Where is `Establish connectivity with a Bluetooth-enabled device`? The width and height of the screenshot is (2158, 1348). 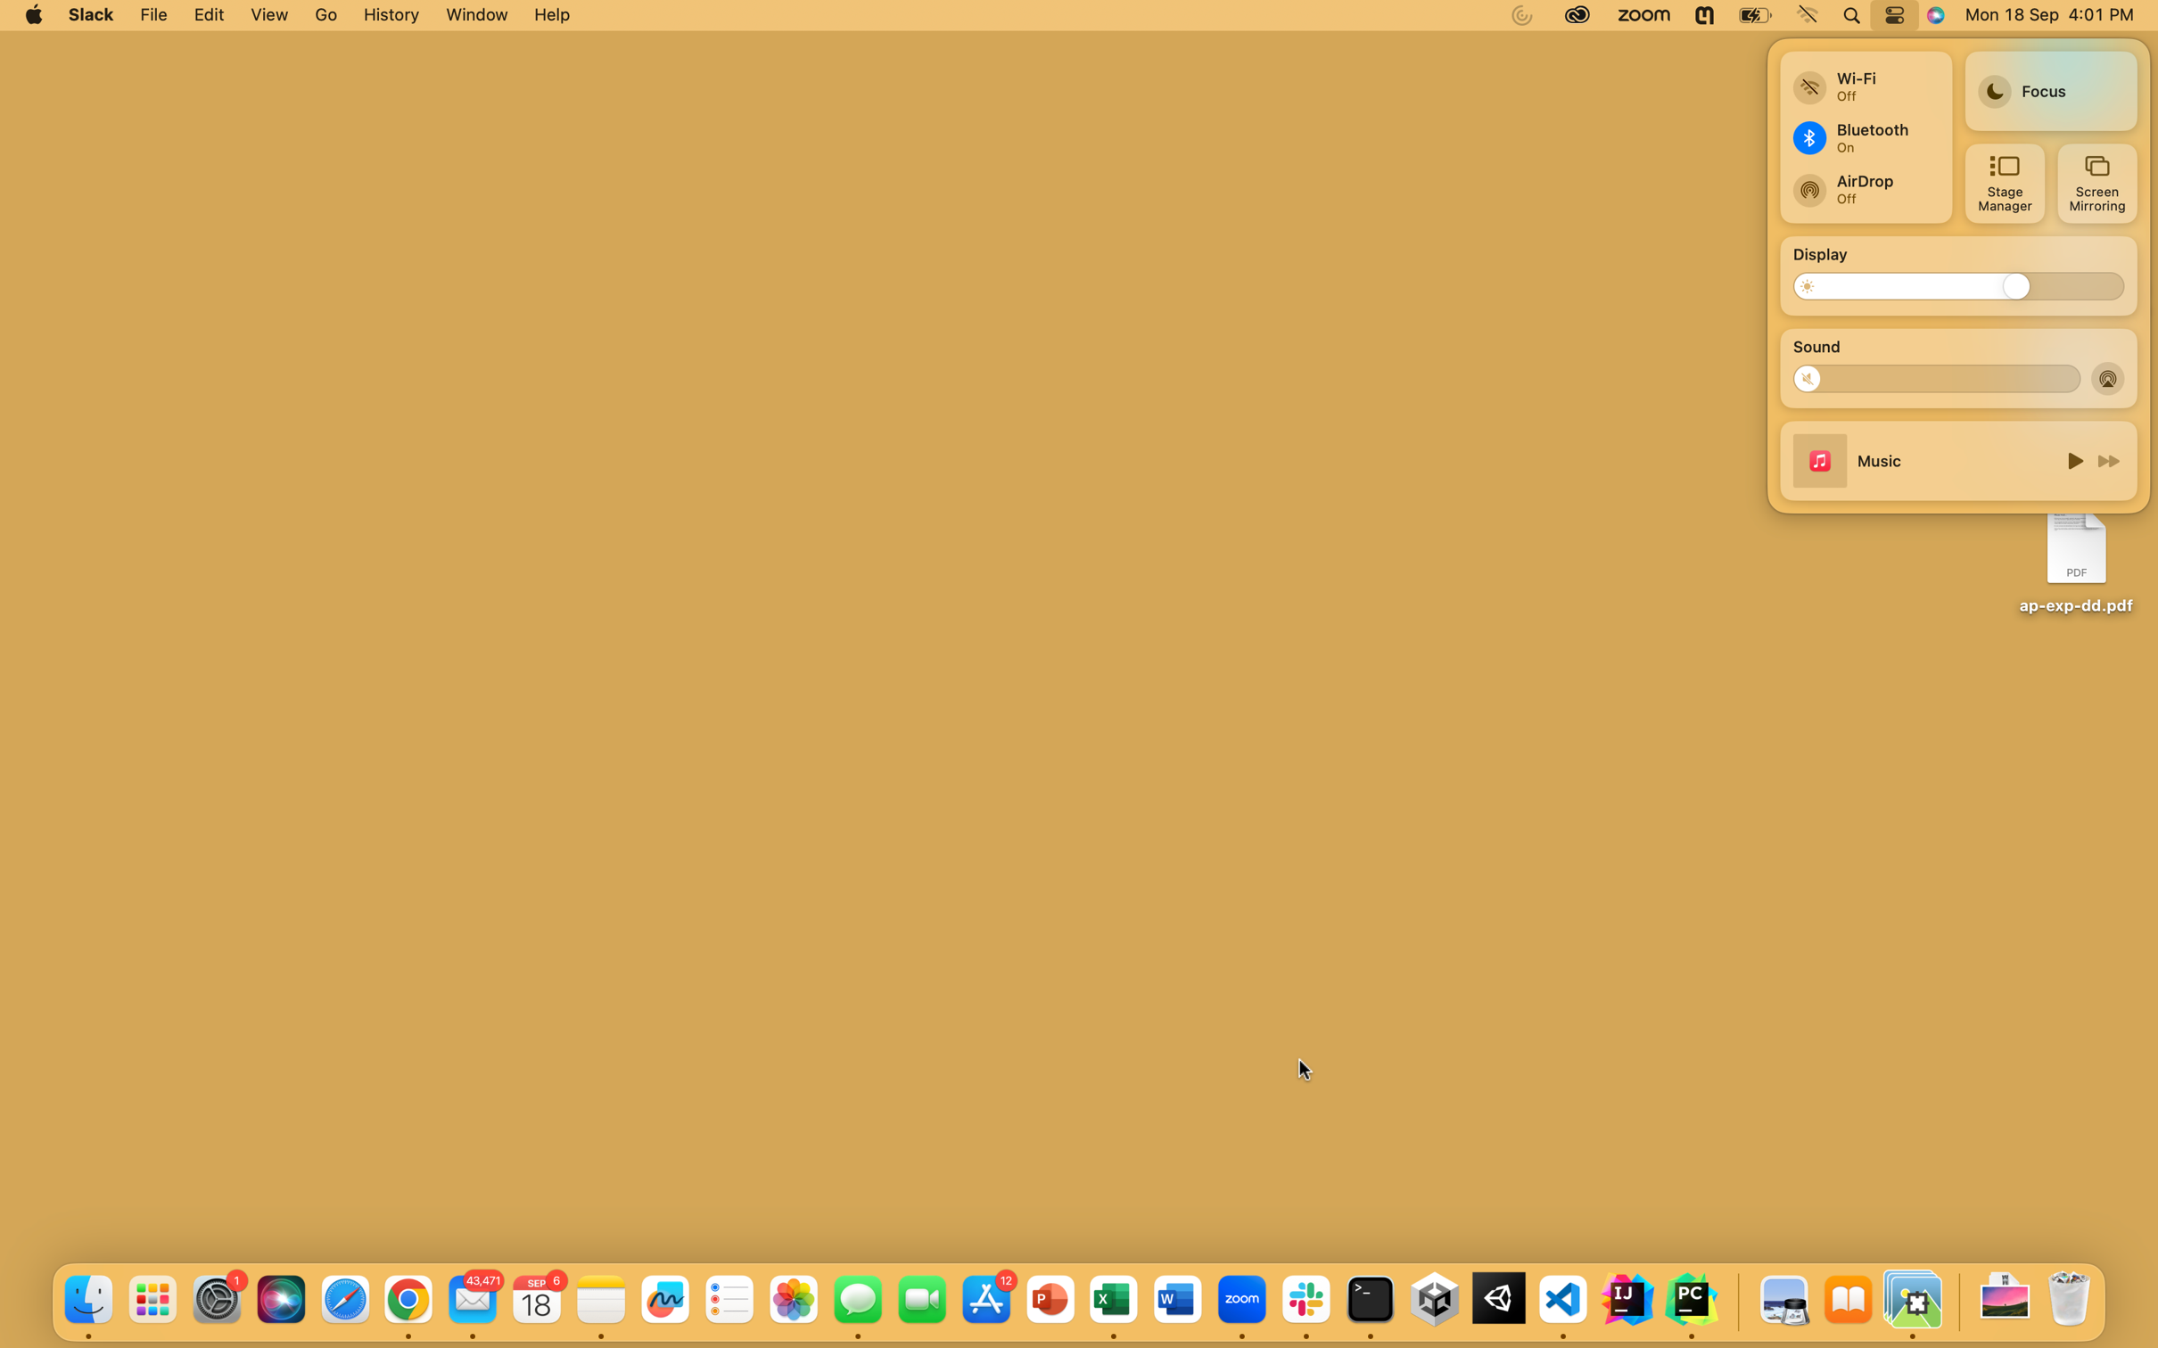 Establish connectivity with a Bluetooth-enabled device is located at coordinates (1863, 136).